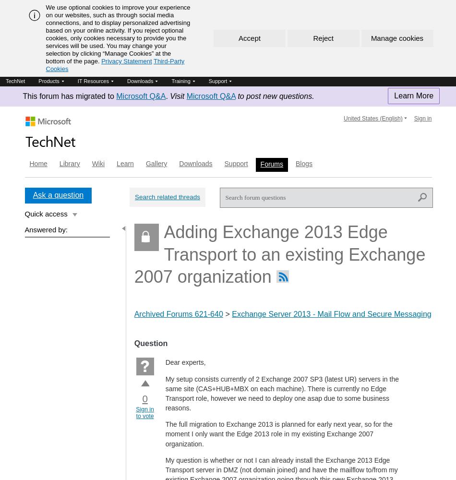 The height and width of the screenshot is (480, 456). What do you see at coordinates (372, 118) in the screenshot?
I see `'United States (English)'` at bounding box center [372, 118].